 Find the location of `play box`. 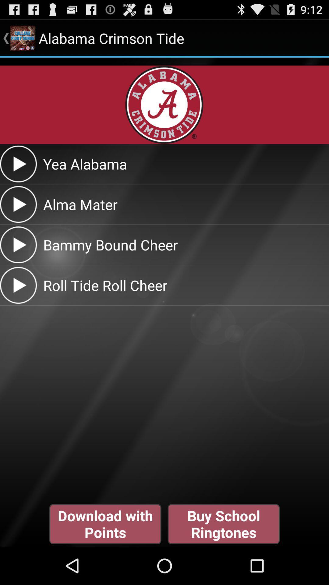

play box is located at coordinates (18, 164).